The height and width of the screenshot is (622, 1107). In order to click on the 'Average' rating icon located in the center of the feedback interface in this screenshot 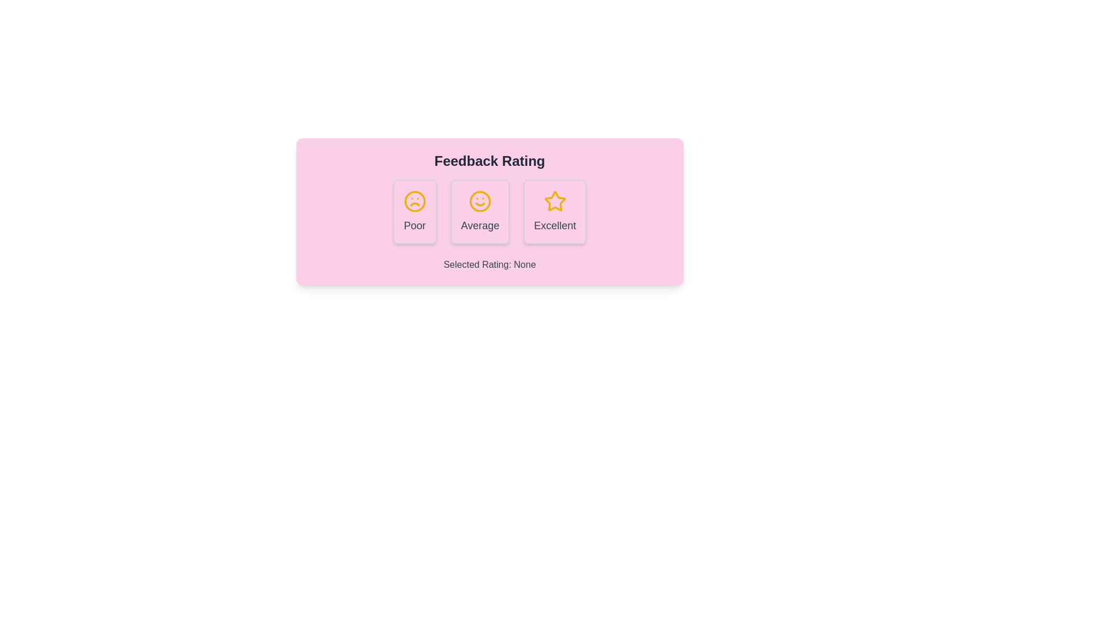, I will do `click(480, 201)`.